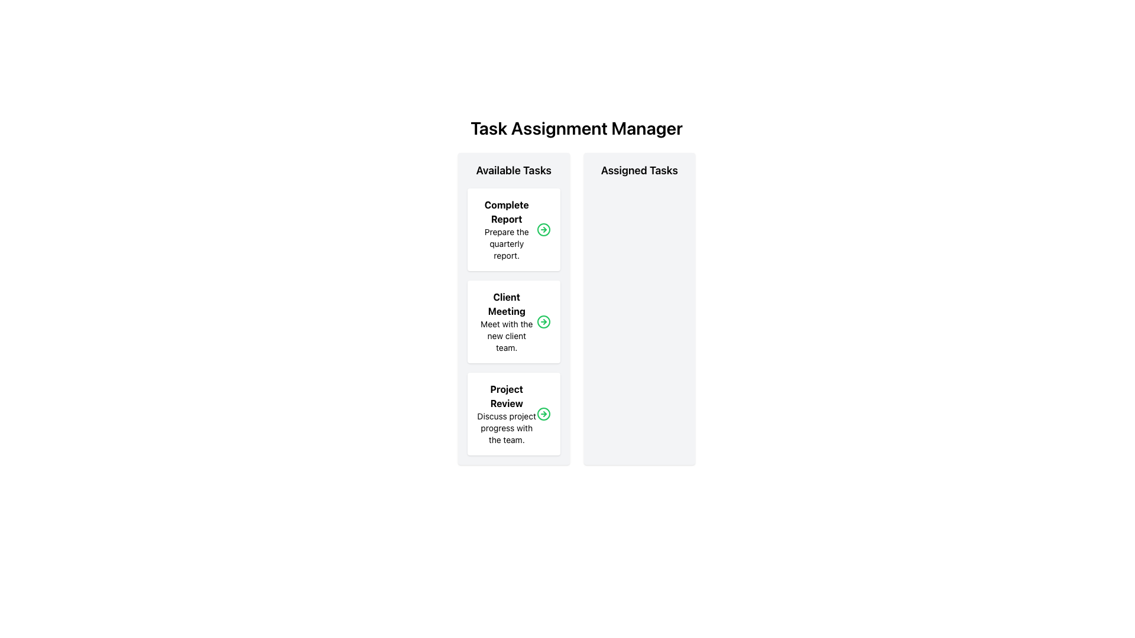 Image resolution: width=1135 pixels, height=638 pixels. Describe the element at coordinates (507, 321) in the screenshot. I see `the Text block titled 'Client Meeting' with the description 'Meet with the new client team.' located in the second card of the 'Available Tasks' column` at that location.